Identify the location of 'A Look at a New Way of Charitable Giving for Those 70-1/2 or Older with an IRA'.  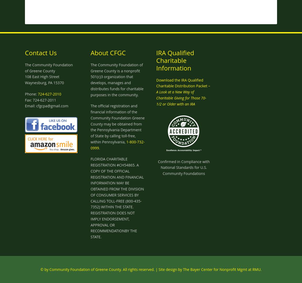
(156, 97).